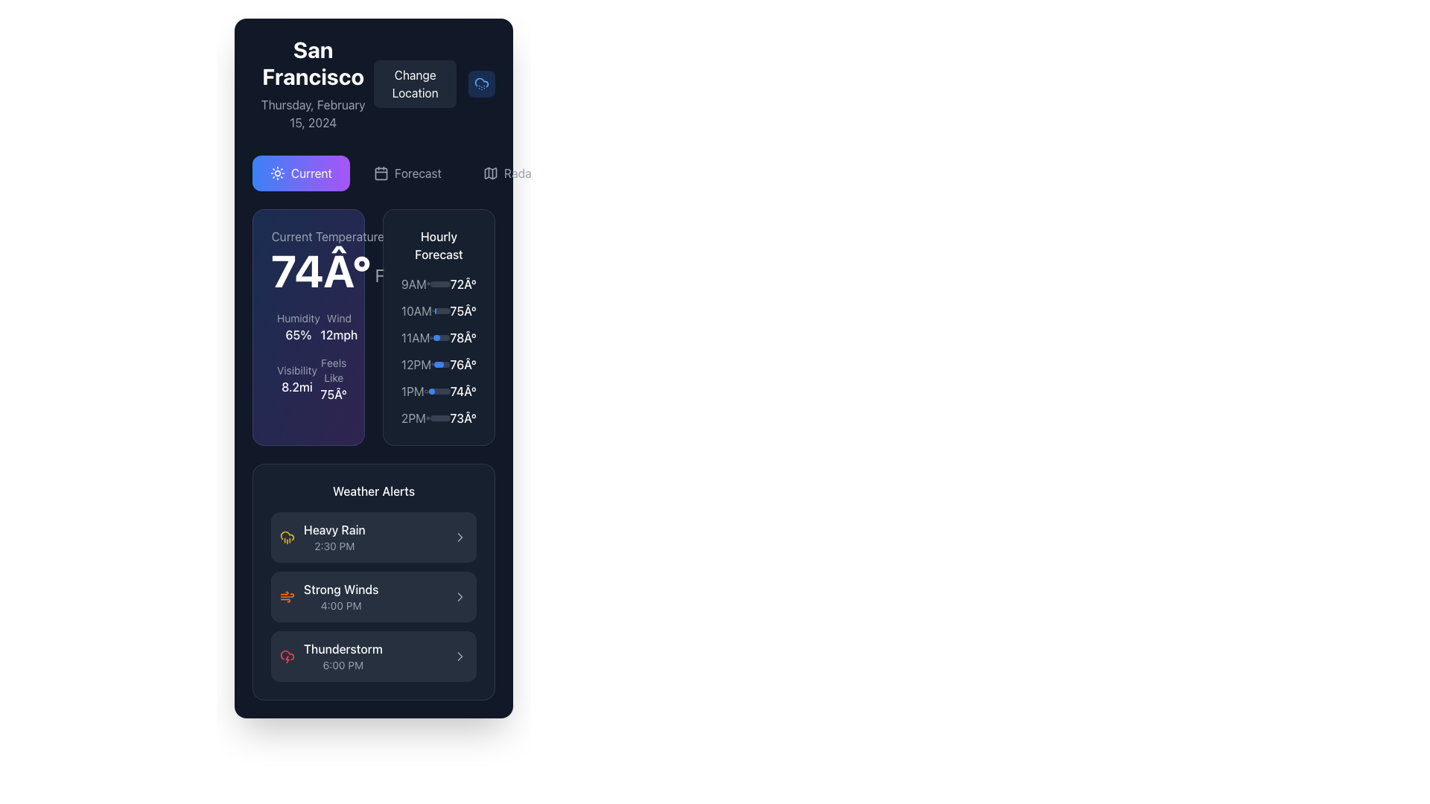  Describe the element at coordinates (287, 537) in the screenshot. I see `the weather icon representing heavy rain located in the 'Weather Alerts' section, adjacent to the 'Heavy Rain' label and time '2:30 PM'` at that location.